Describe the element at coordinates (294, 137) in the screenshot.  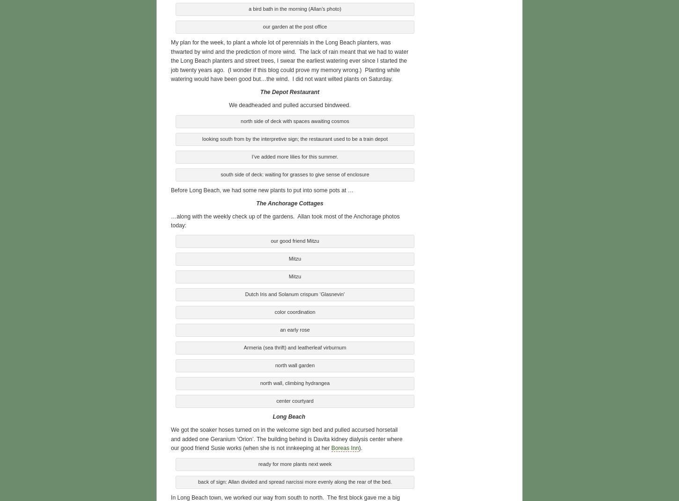
I see `'looking south from by the interpretive sign; the restaurant used to be a train depot'` at that location.